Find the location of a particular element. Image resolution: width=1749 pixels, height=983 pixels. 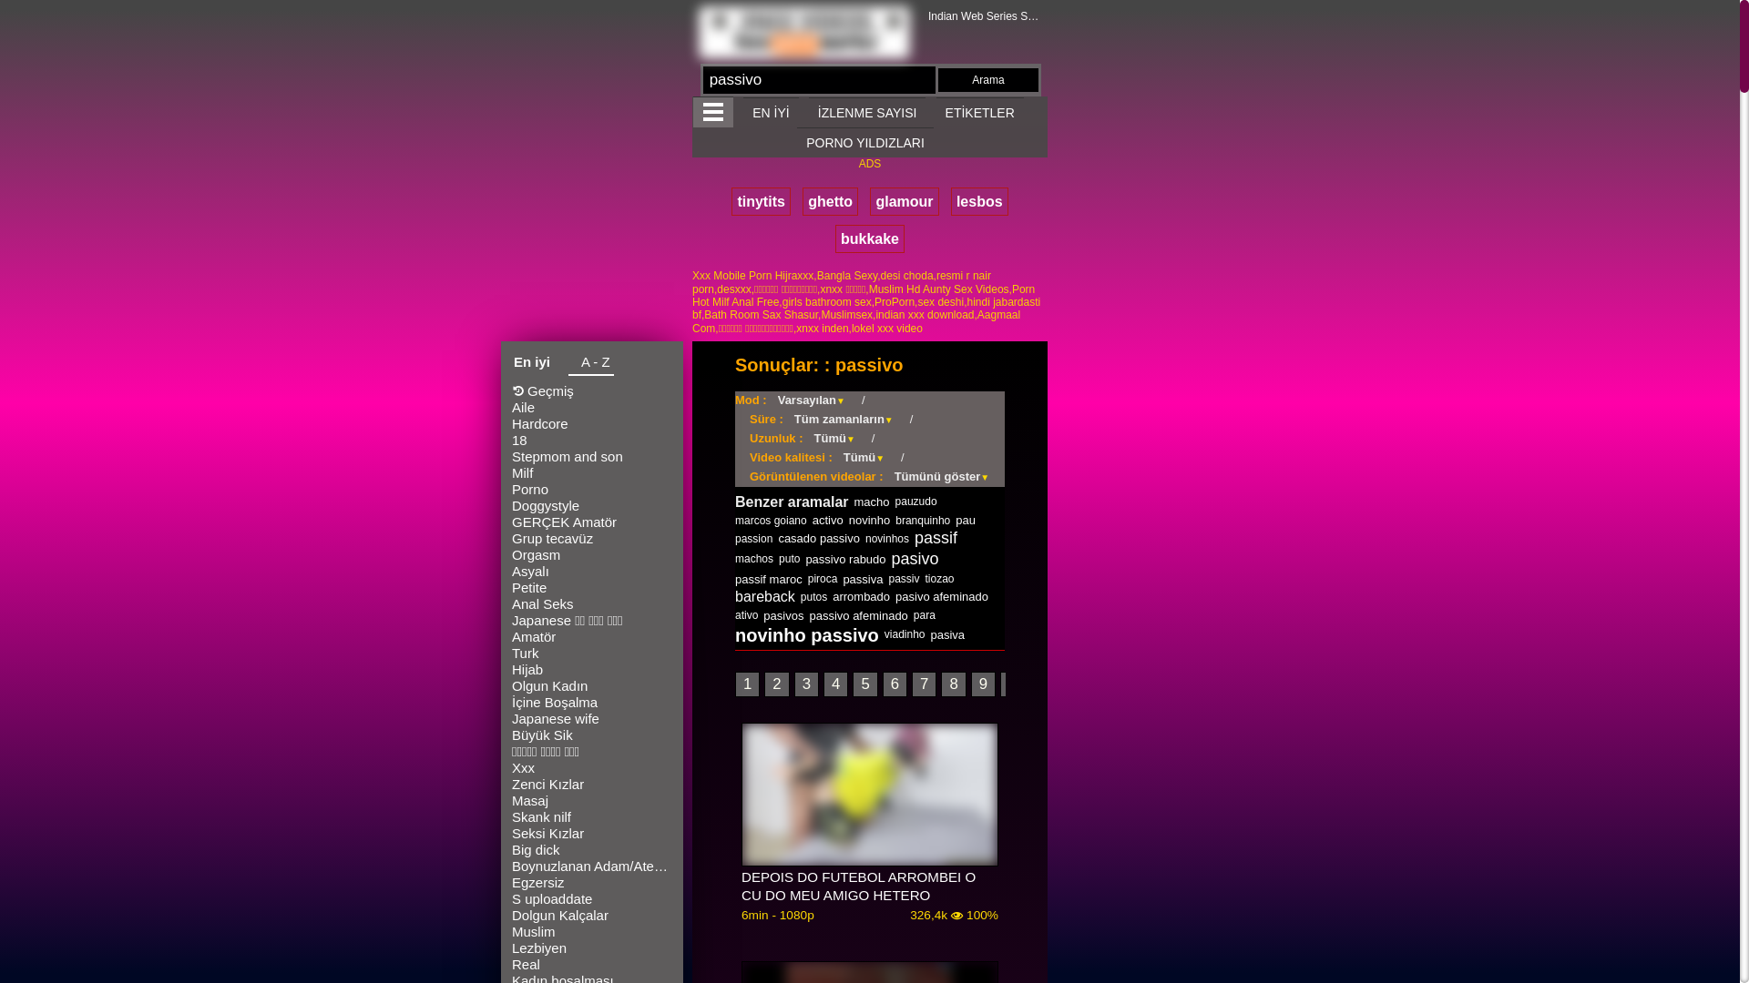

'activo' is located at coordinates (826, 520).